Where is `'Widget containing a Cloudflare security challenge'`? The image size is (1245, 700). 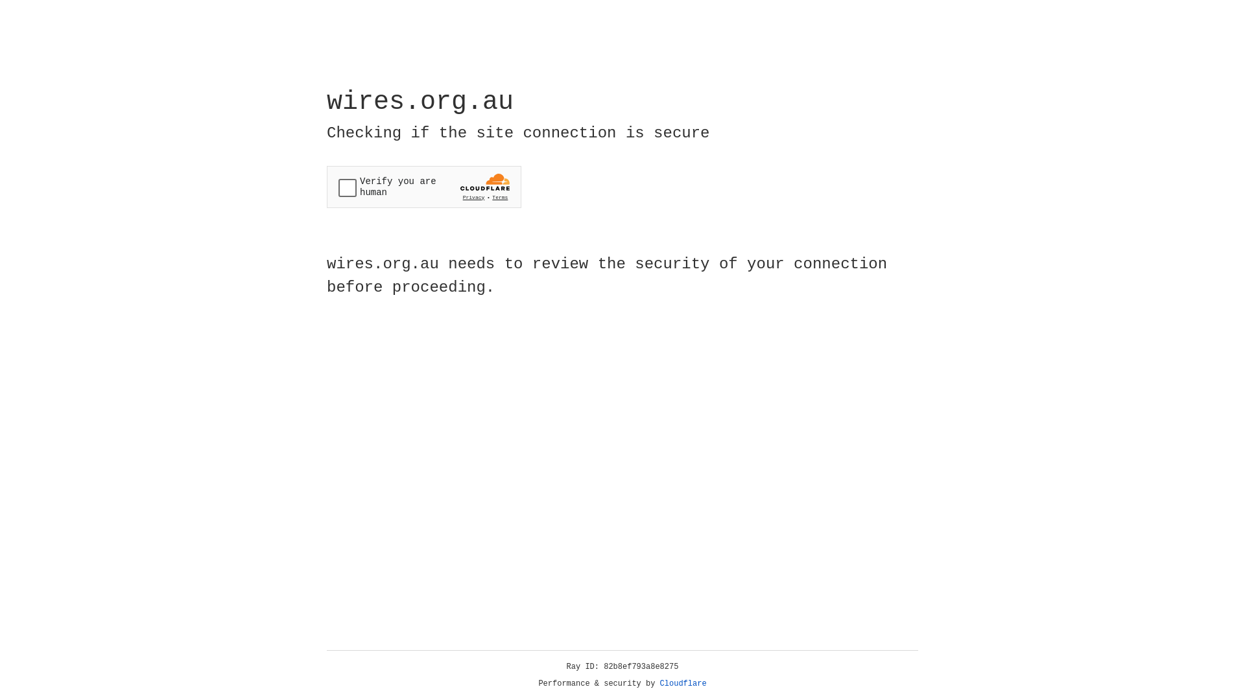
'Widget containing a Cloudflare security challenge' is located at coordinates (423, 187).